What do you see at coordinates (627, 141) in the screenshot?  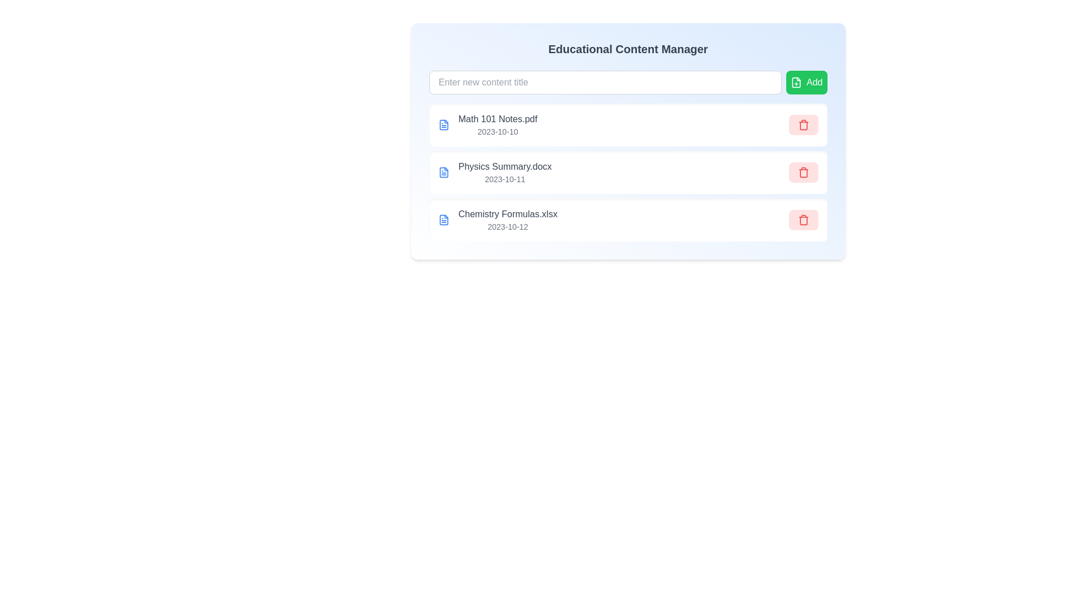 I see `the filename of the first document entry in the 'Educational Content Manager'` at bounding box center [627, 141].